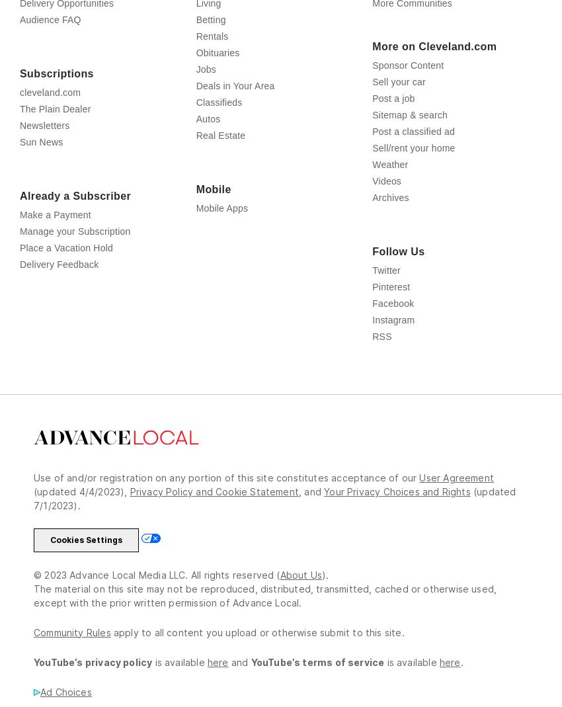 The width and height of the screenshot is (562, 707). What do you see at coordinates (372, 193) in the screenshot?
I see `'Weather'` at bounding box center [372, 193].